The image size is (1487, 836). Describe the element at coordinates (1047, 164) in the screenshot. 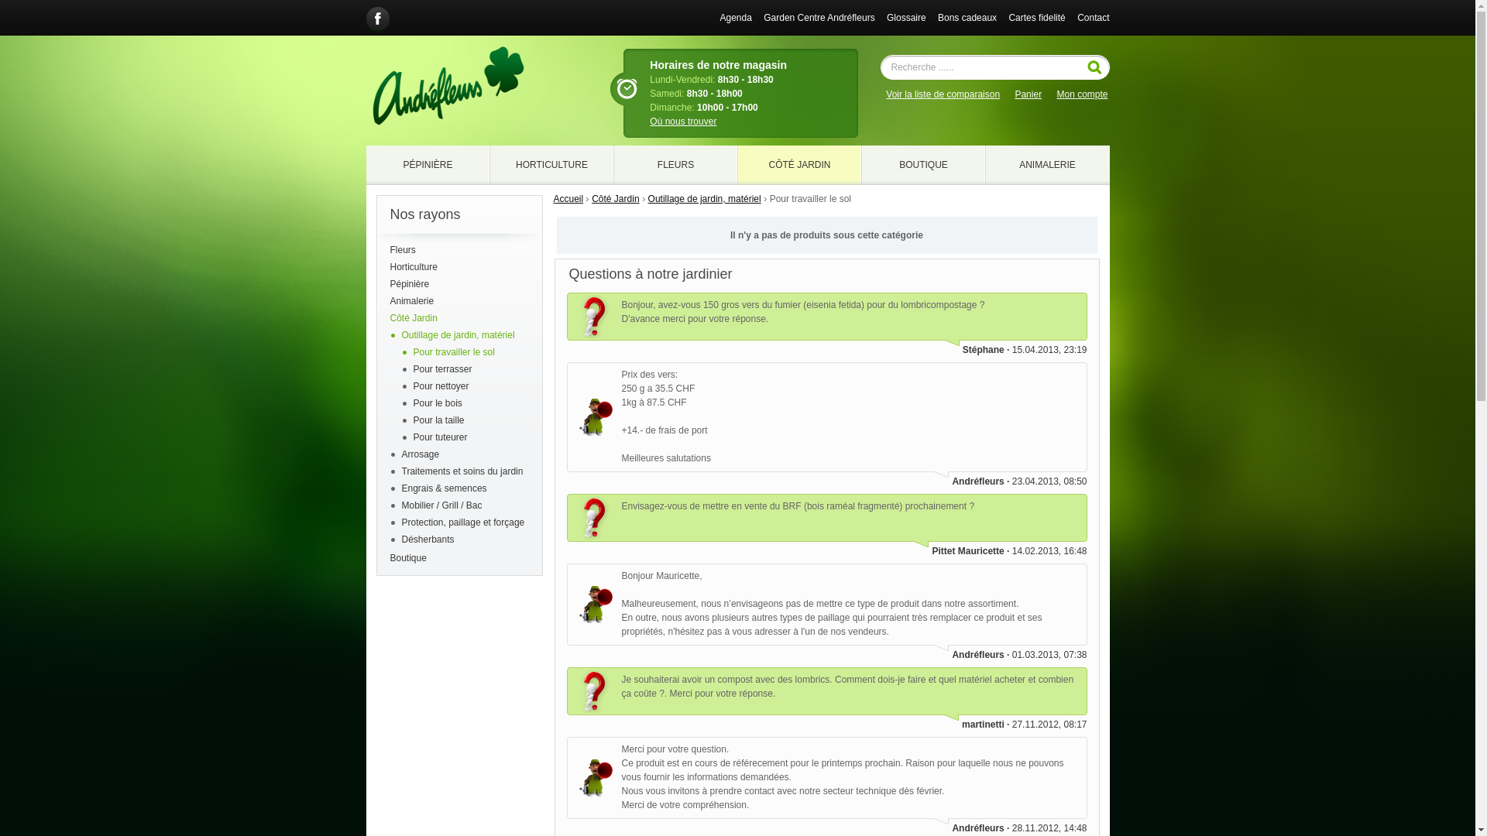

I see `'ANIMALERIE'` at that location.